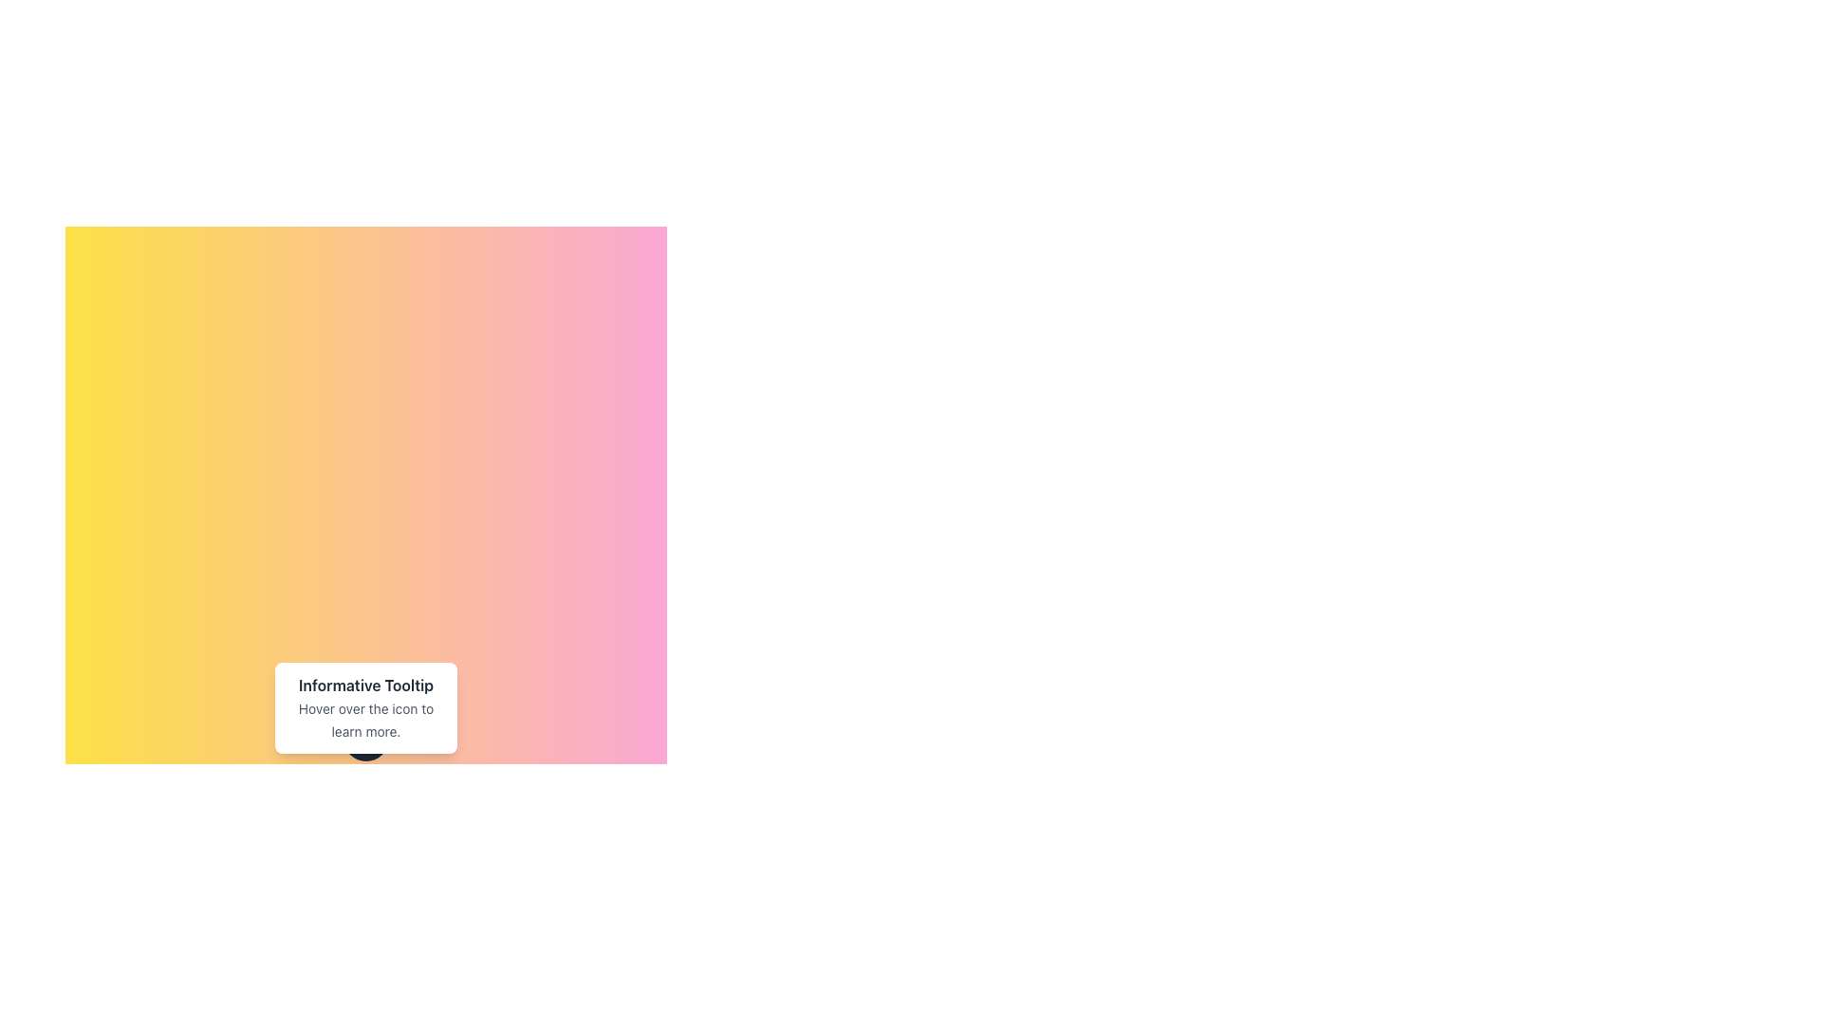 The height and width of the screenshot is (1024, 1822). I want to click on the outer circular border of the information icon, which is a vector graphic element centered at the specified coordinates, so click(365, 738).